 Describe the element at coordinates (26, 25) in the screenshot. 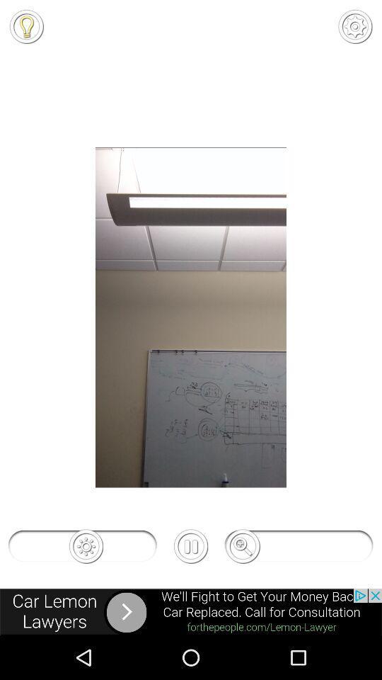

I see `open lighting` at that location.